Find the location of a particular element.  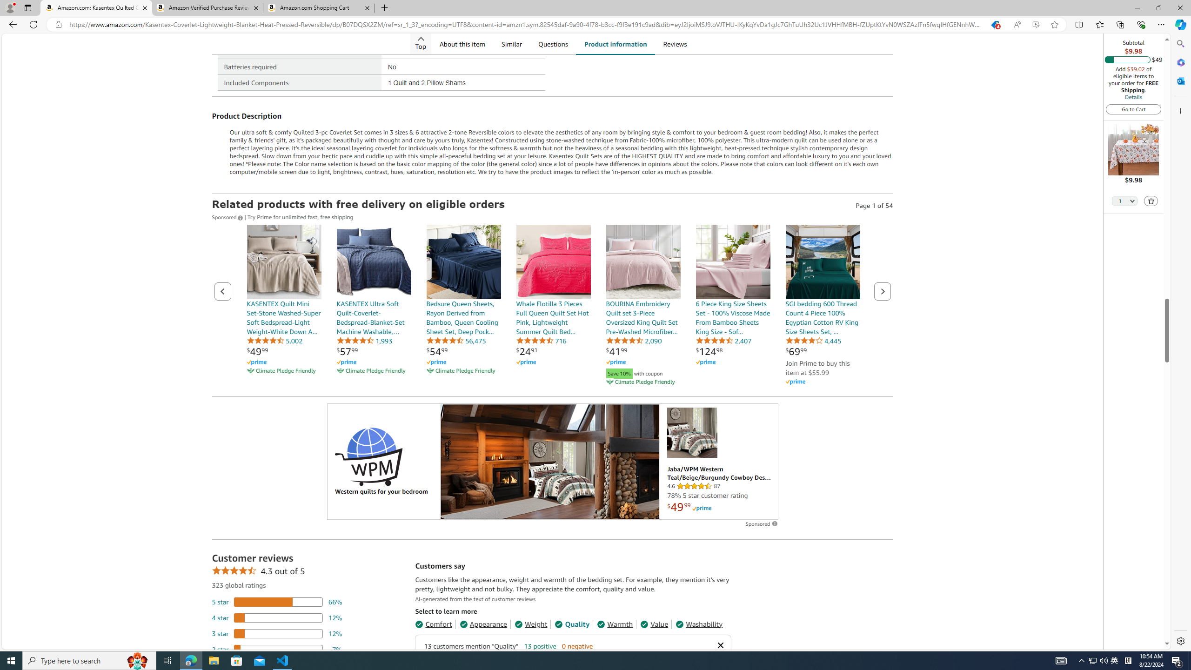

'$69.99' is located at coordinates (796, 351).